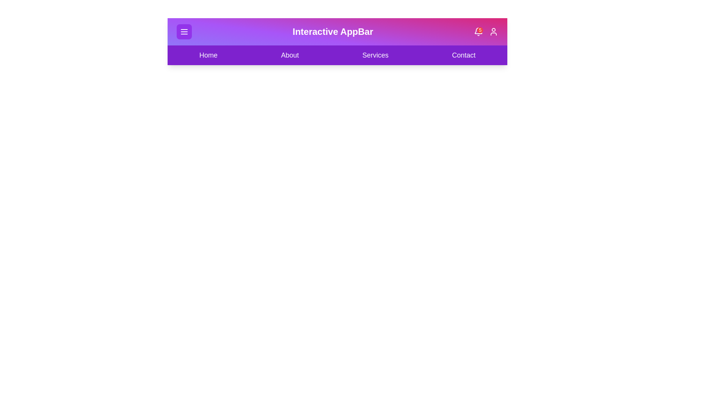  I want to click on menu button to toggle the menu visibility, so click(184, 31).